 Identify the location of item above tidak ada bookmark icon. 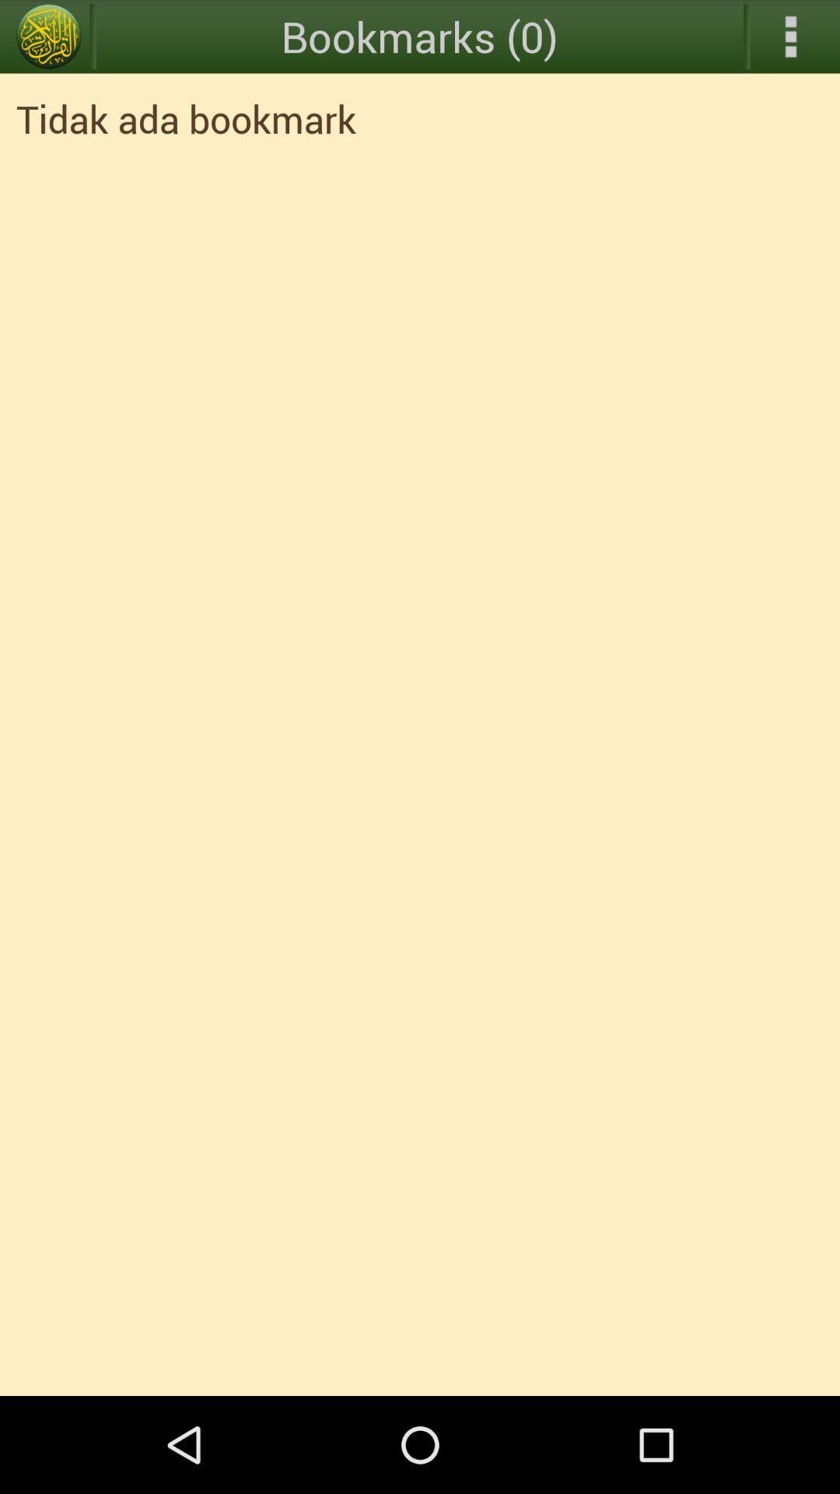
(47, 37).